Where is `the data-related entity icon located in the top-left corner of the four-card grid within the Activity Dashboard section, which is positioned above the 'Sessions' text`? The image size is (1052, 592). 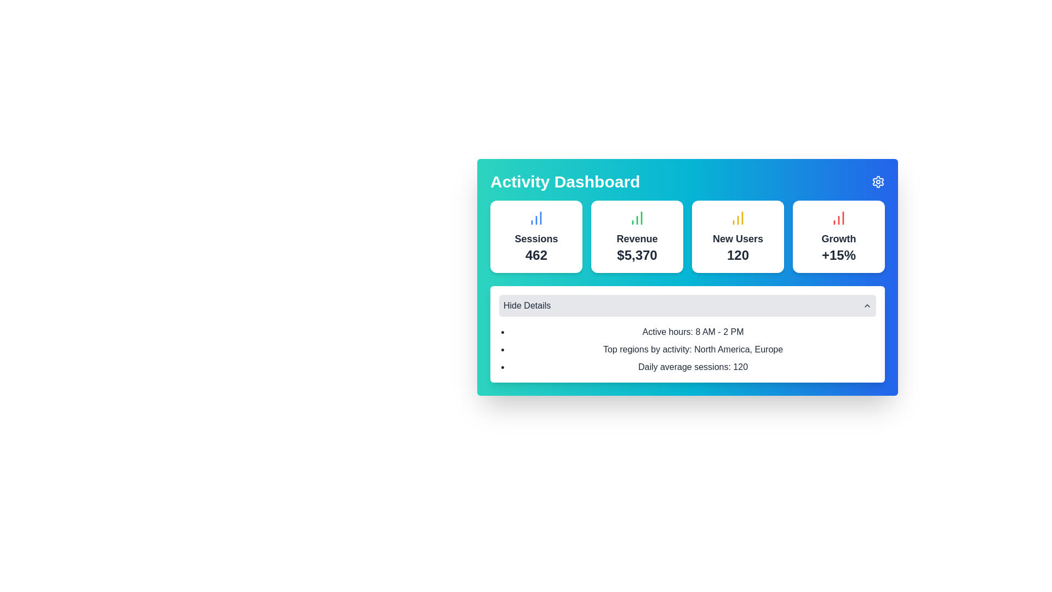 the data-related entity icon located in the top-left corner of the four-card grid within the Activity Dashboard section, which is positioned above the 'Sessions' text is located at coordinates (536, 218).